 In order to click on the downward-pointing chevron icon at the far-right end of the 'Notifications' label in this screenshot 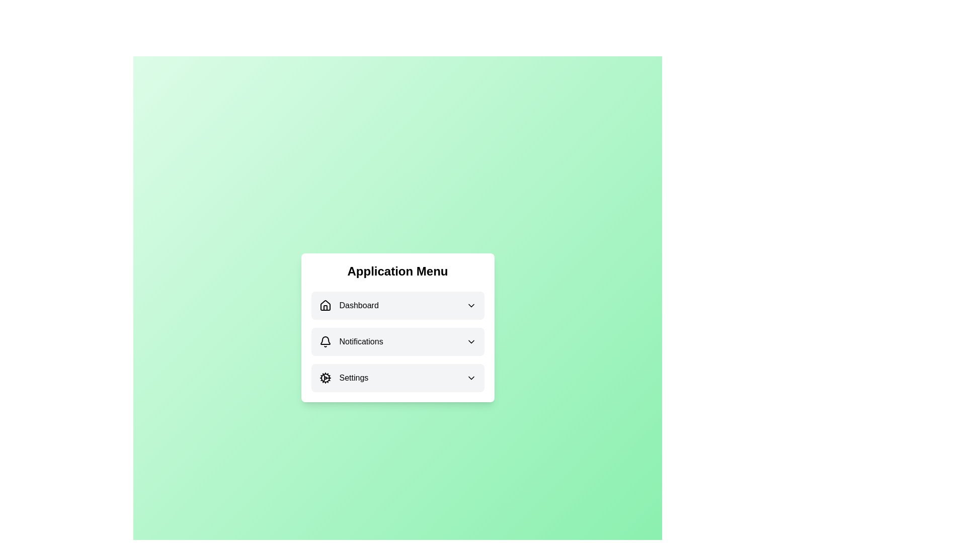, I will do `click(470, 341)`.